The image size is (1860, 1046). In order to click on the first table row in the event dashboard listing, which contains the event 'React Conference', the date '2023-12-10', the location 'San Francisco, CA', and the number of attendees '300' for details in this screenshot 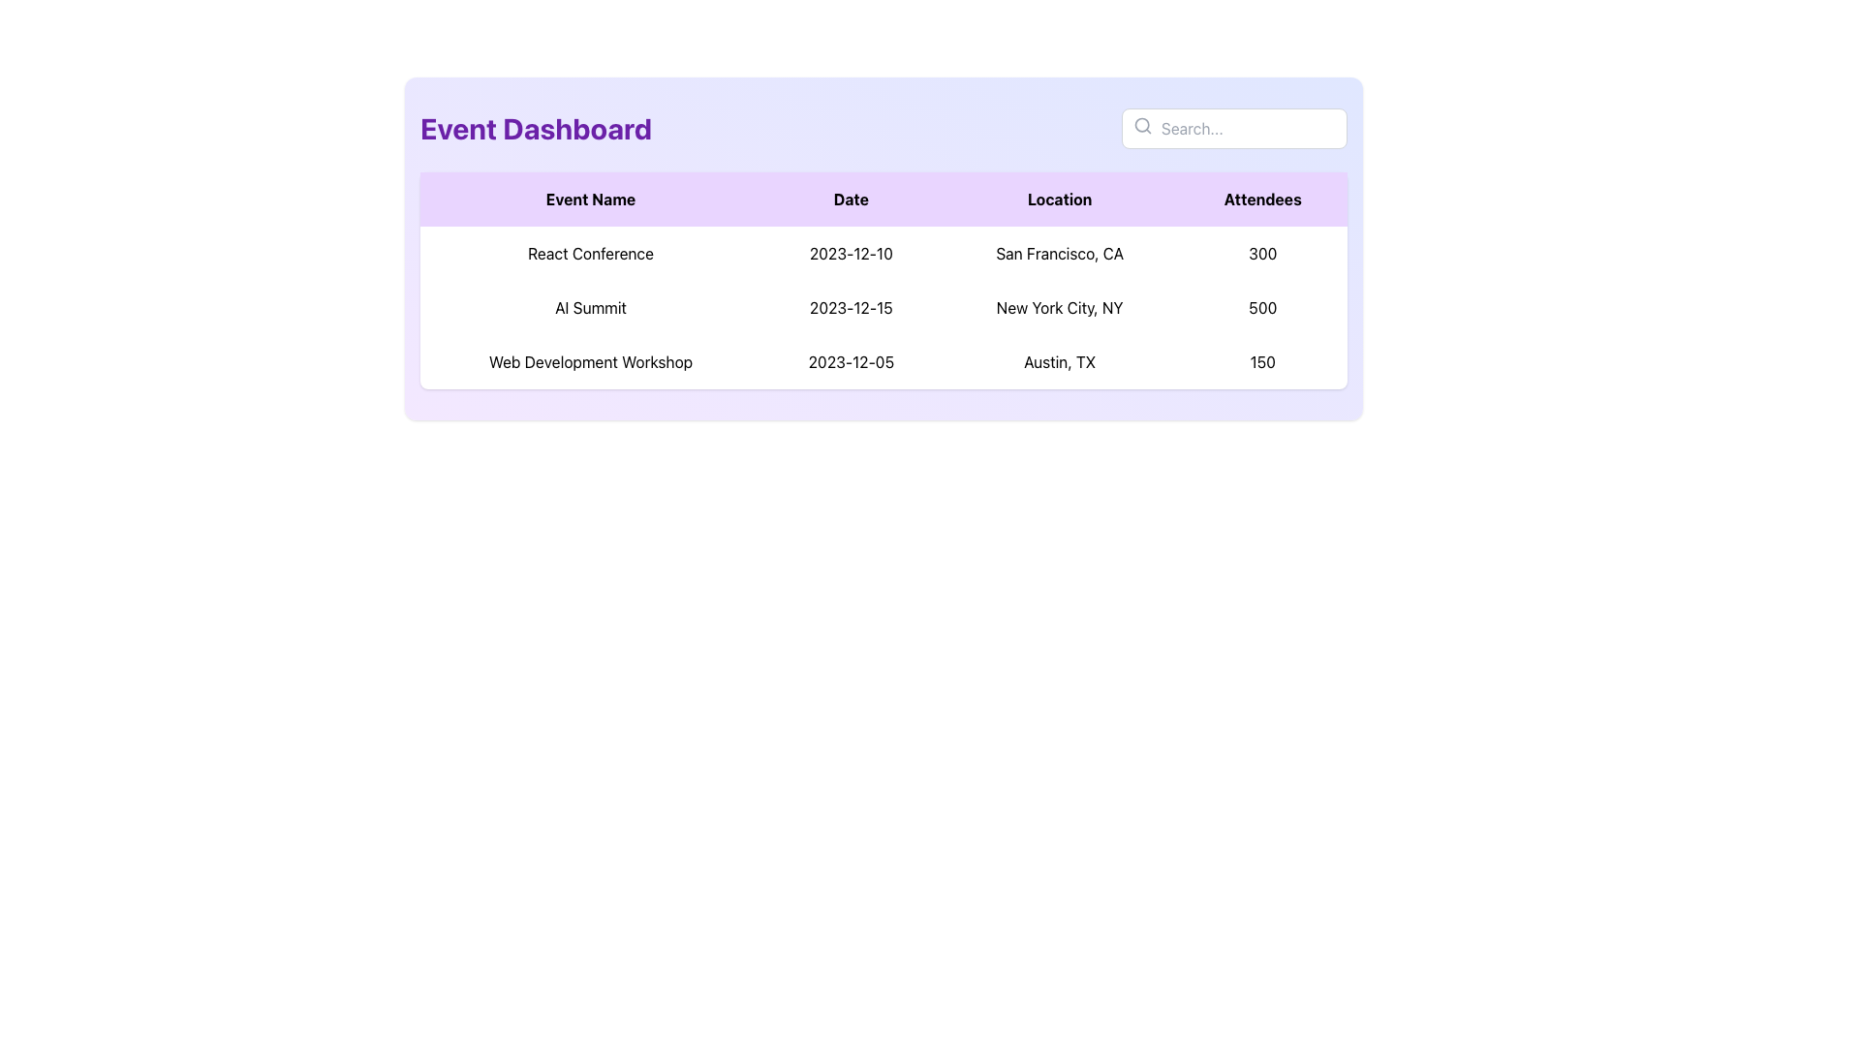, I will do `click(883, 253)`.